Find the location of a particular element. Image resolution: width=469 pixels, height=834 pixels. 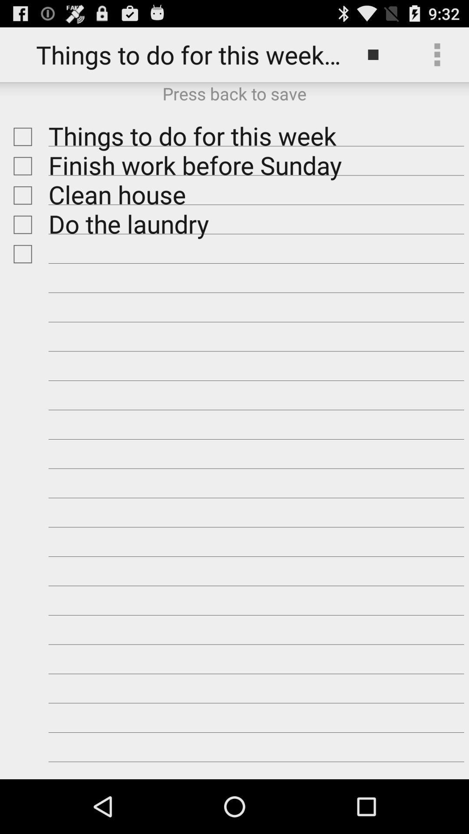

check box when complete is located at coordinates (20, 136).